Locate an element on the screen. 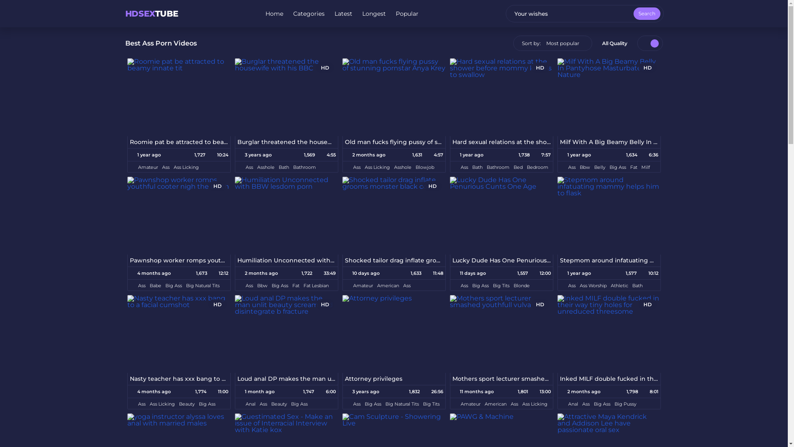  'Humiliation Unconnected with BBW lesdom porn' is located at coordinates (286, 260).